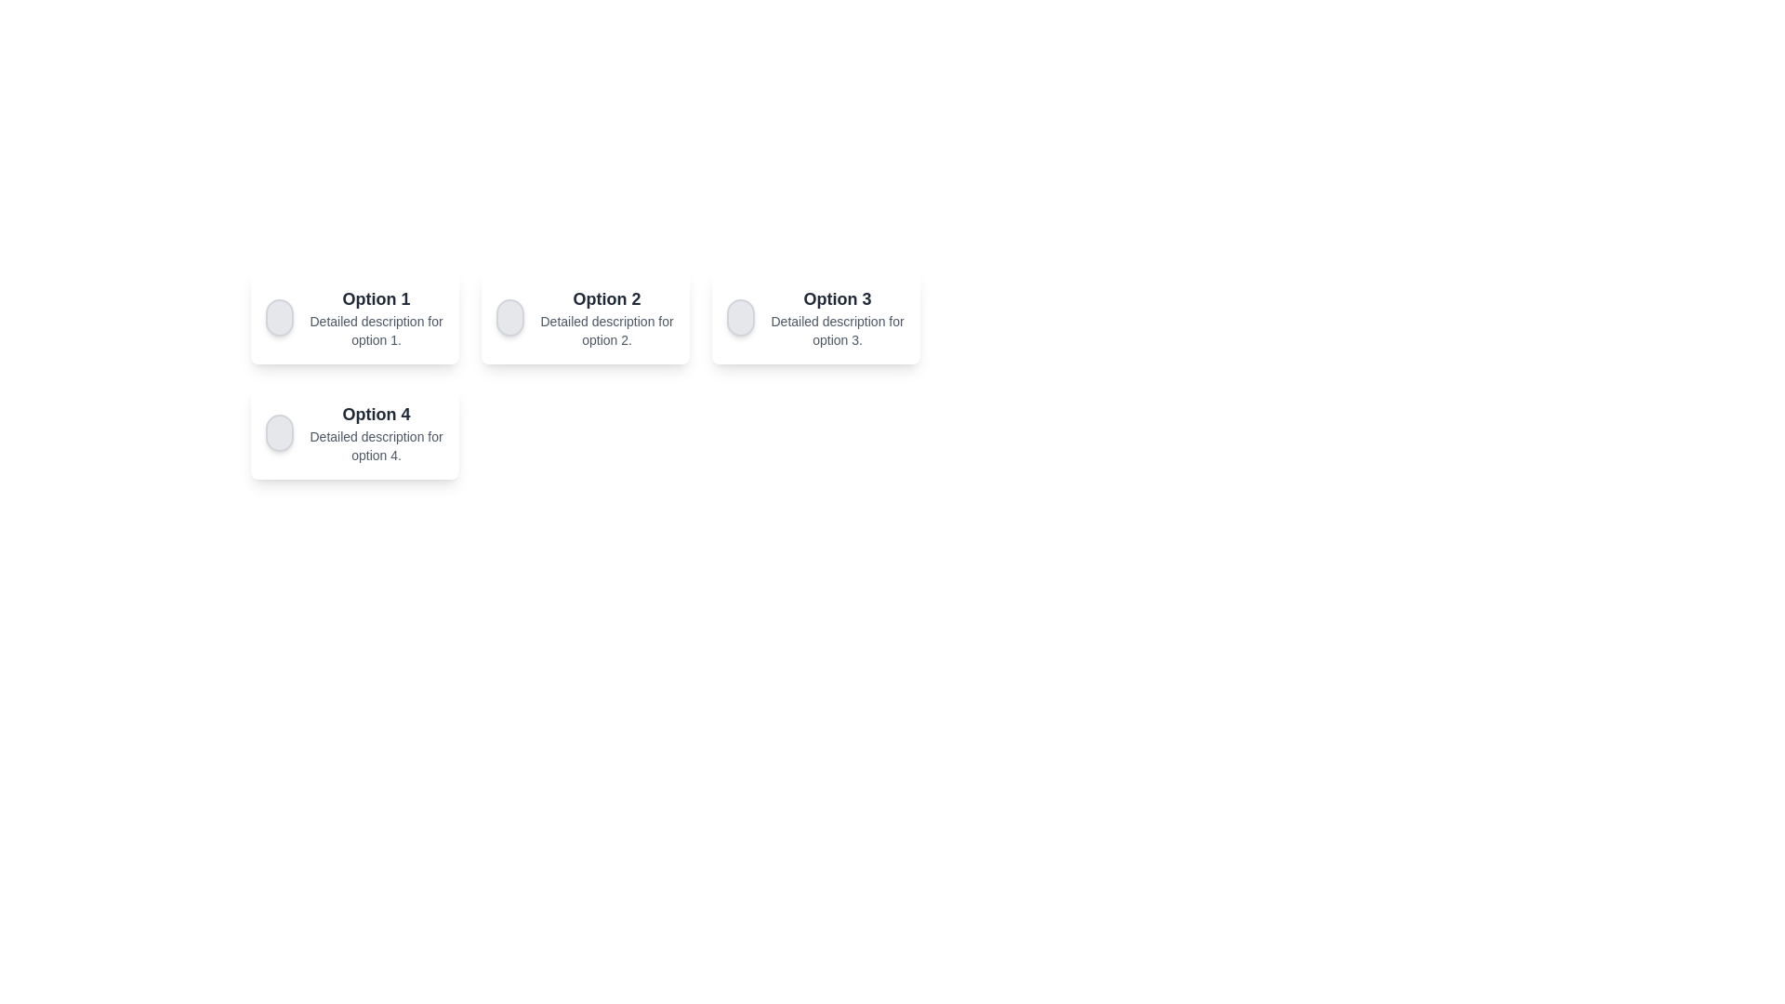 The width and height of the screenshot is (1785, 1004). I want to click on the primary title text label located at the top of the card in the second row of the grid, so click(837, 297).